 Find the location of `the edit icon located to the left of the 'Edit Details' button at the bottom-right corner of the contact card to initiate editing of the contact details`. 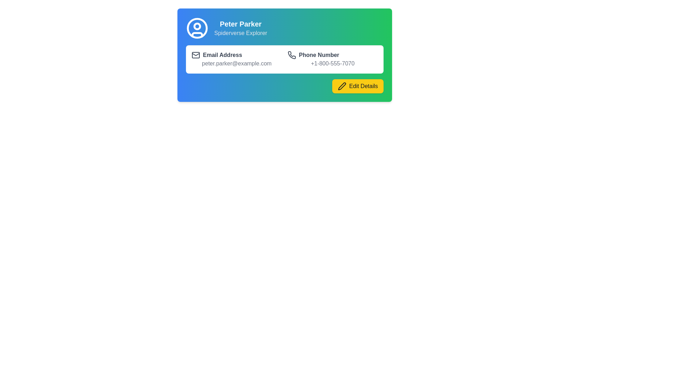

the edit icon located to the left of the 'Edit Details' button at the bottom-right corner of the contact card to initiate editing of the contact details is located at coordinates (342, 86).